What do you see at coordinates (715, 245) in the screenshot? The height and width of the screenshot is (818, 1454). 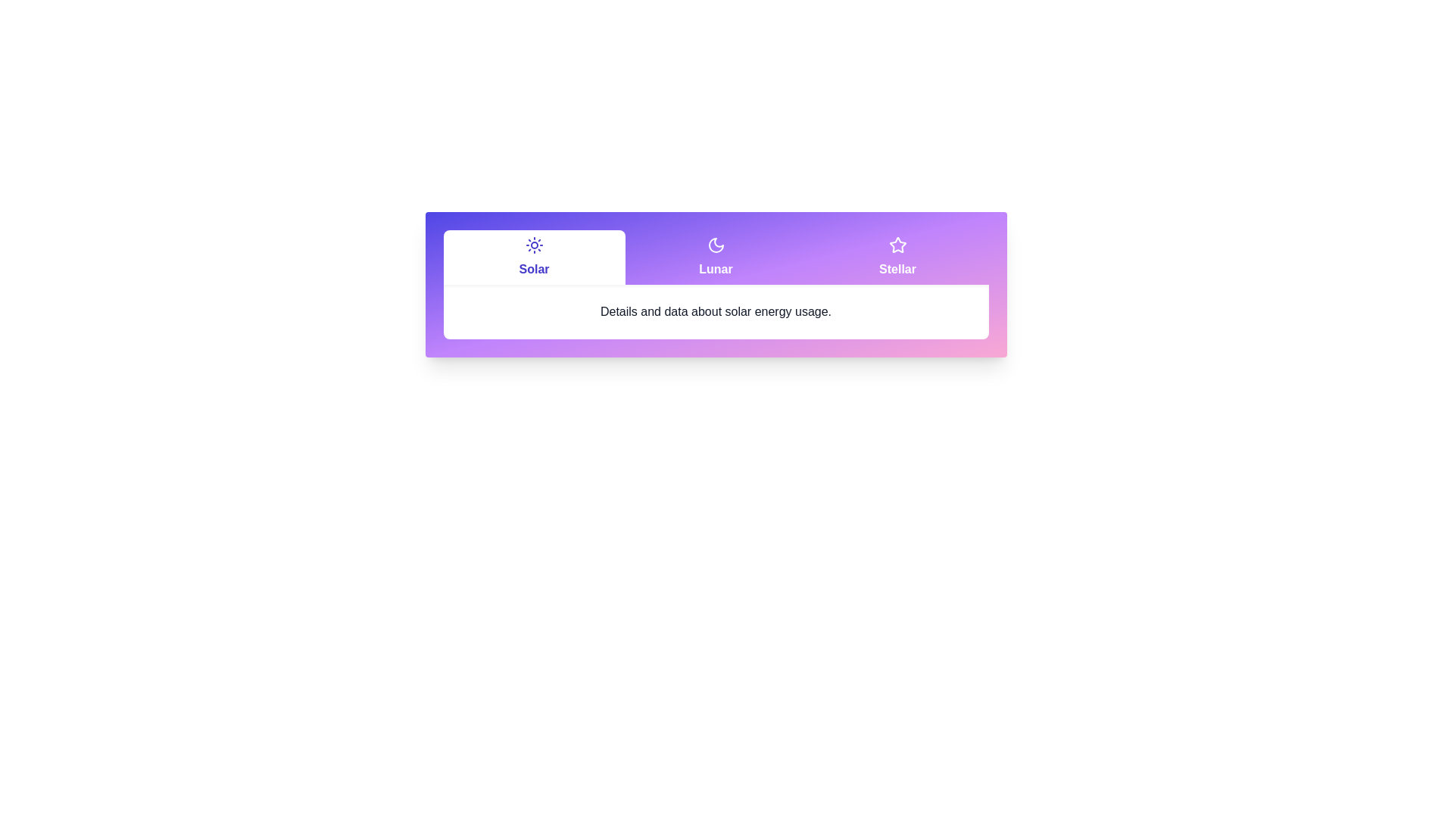 I see `the tab header icon corresponding to the Lunar tab` at bounding box center [715, 245].